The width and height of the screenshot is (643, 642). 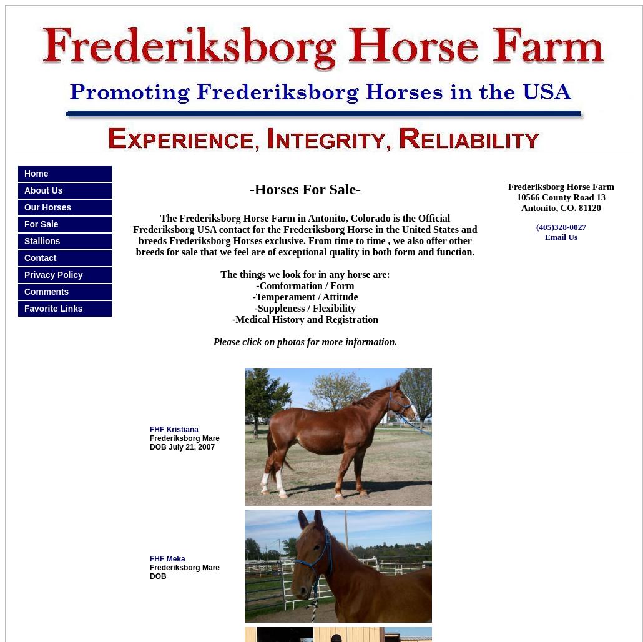 I want to click on '-Horses For Sale-', so click(x=304, y=189).